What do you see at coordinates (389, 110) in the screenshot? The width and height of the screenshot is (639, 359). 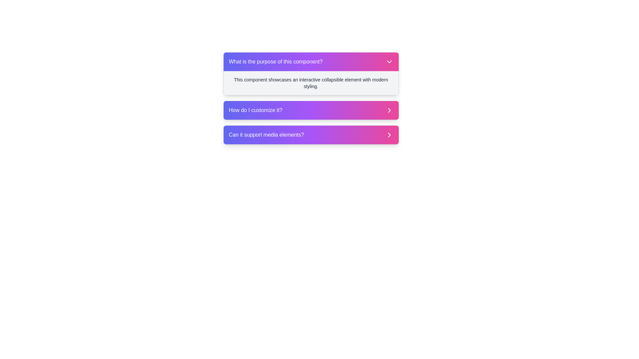 I see `the Chevron Icon located on the right side of the 'How do I customize it?' button, which indicates navigation or expansion options` at bounding box center [389, 110].